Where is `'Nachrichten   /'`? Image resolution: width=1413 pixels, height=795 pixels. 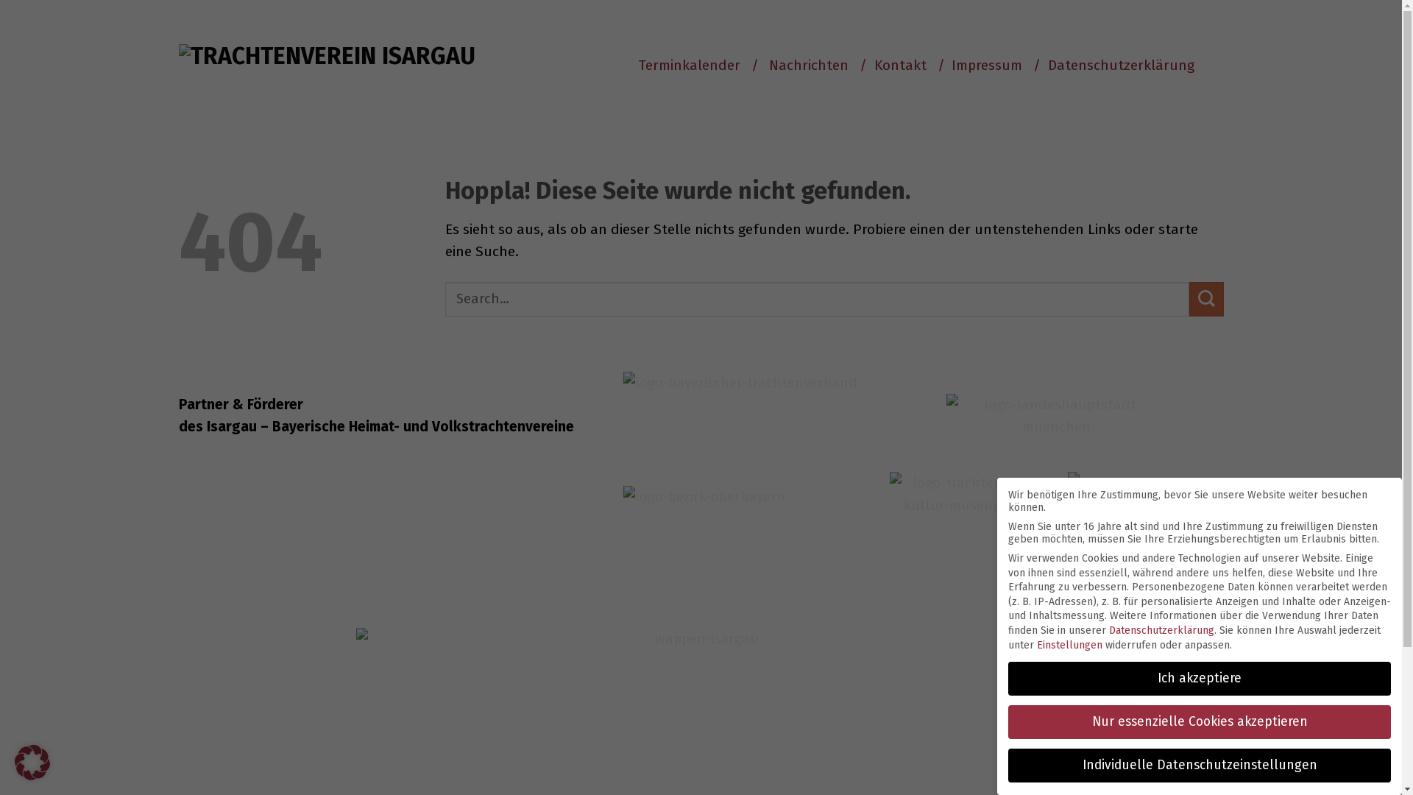 'Nachrichten   /' is located at coordinates (816, 64).